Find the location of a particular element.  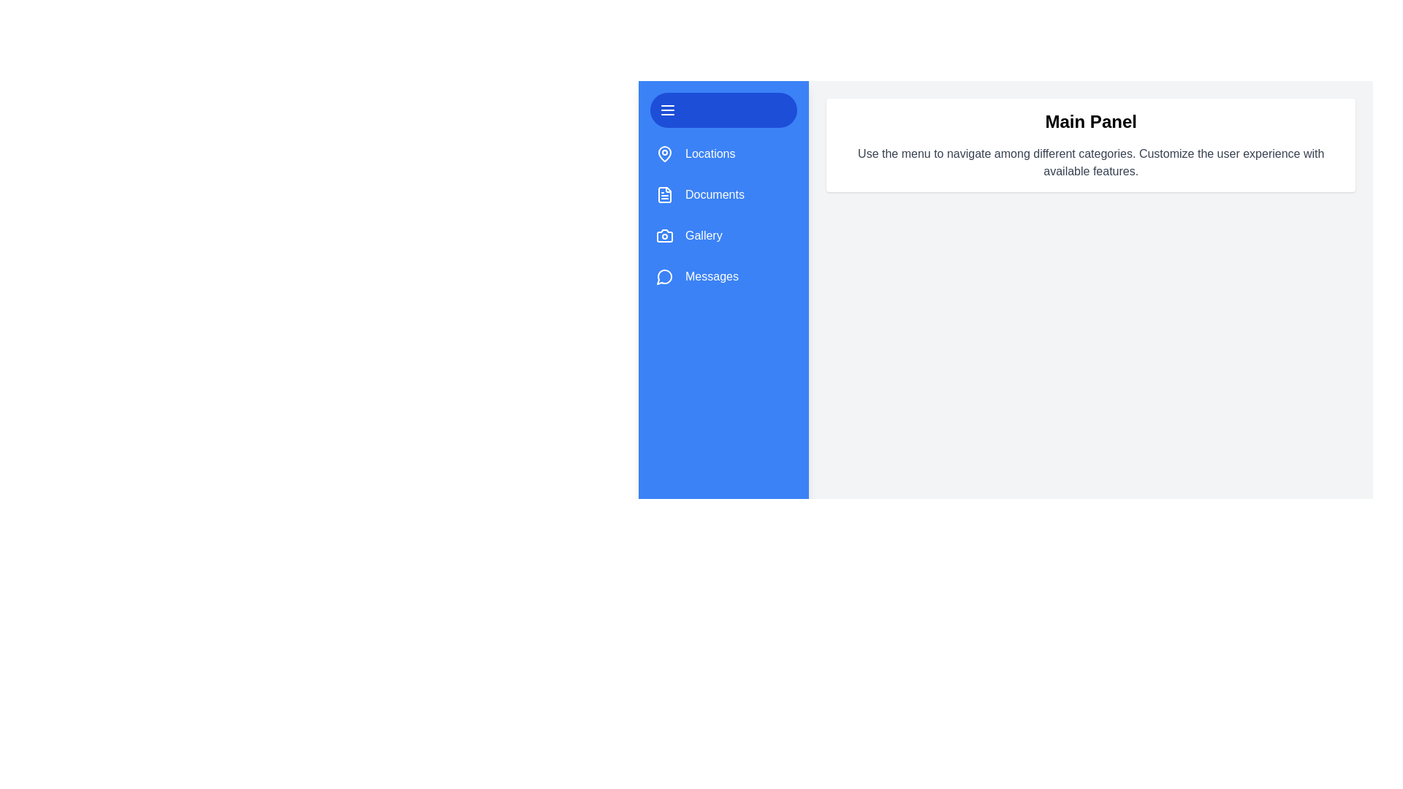

the category item Locations to visually interact with it is located at coordinates (686, 154).